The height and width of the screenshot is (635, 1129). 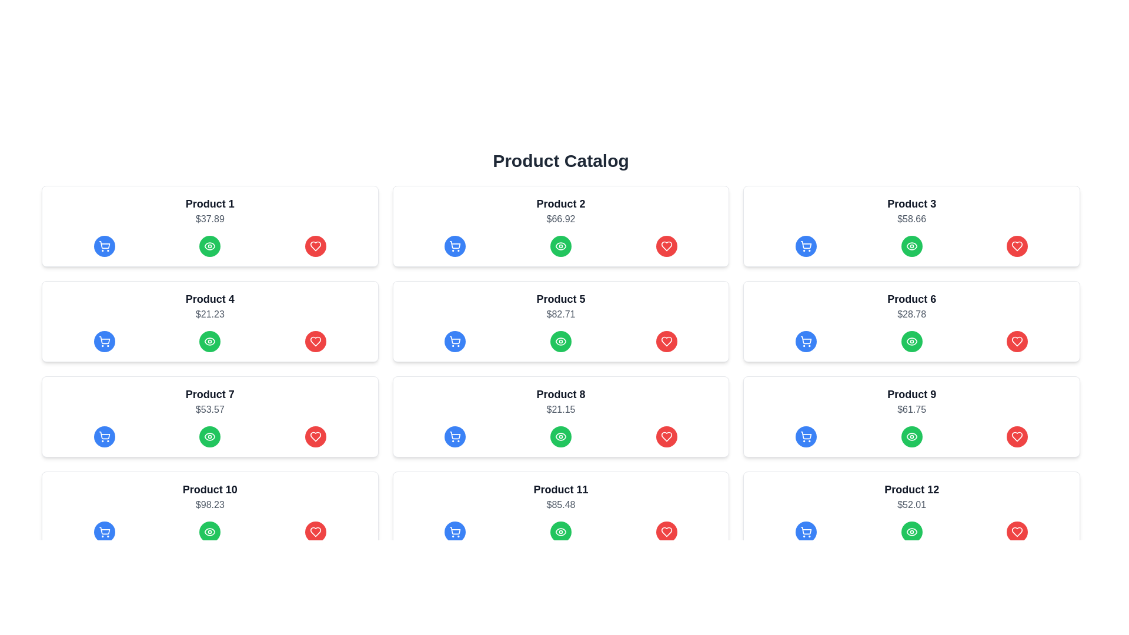 What do you see at coordinates (210, 246) in the screenshot?
I see `the action panel located at the bottom section of the card titled 'Product 1', which includes buttons for adding to cart, viewing product details, and adding to wishlist` at bounding box center [210, 246].